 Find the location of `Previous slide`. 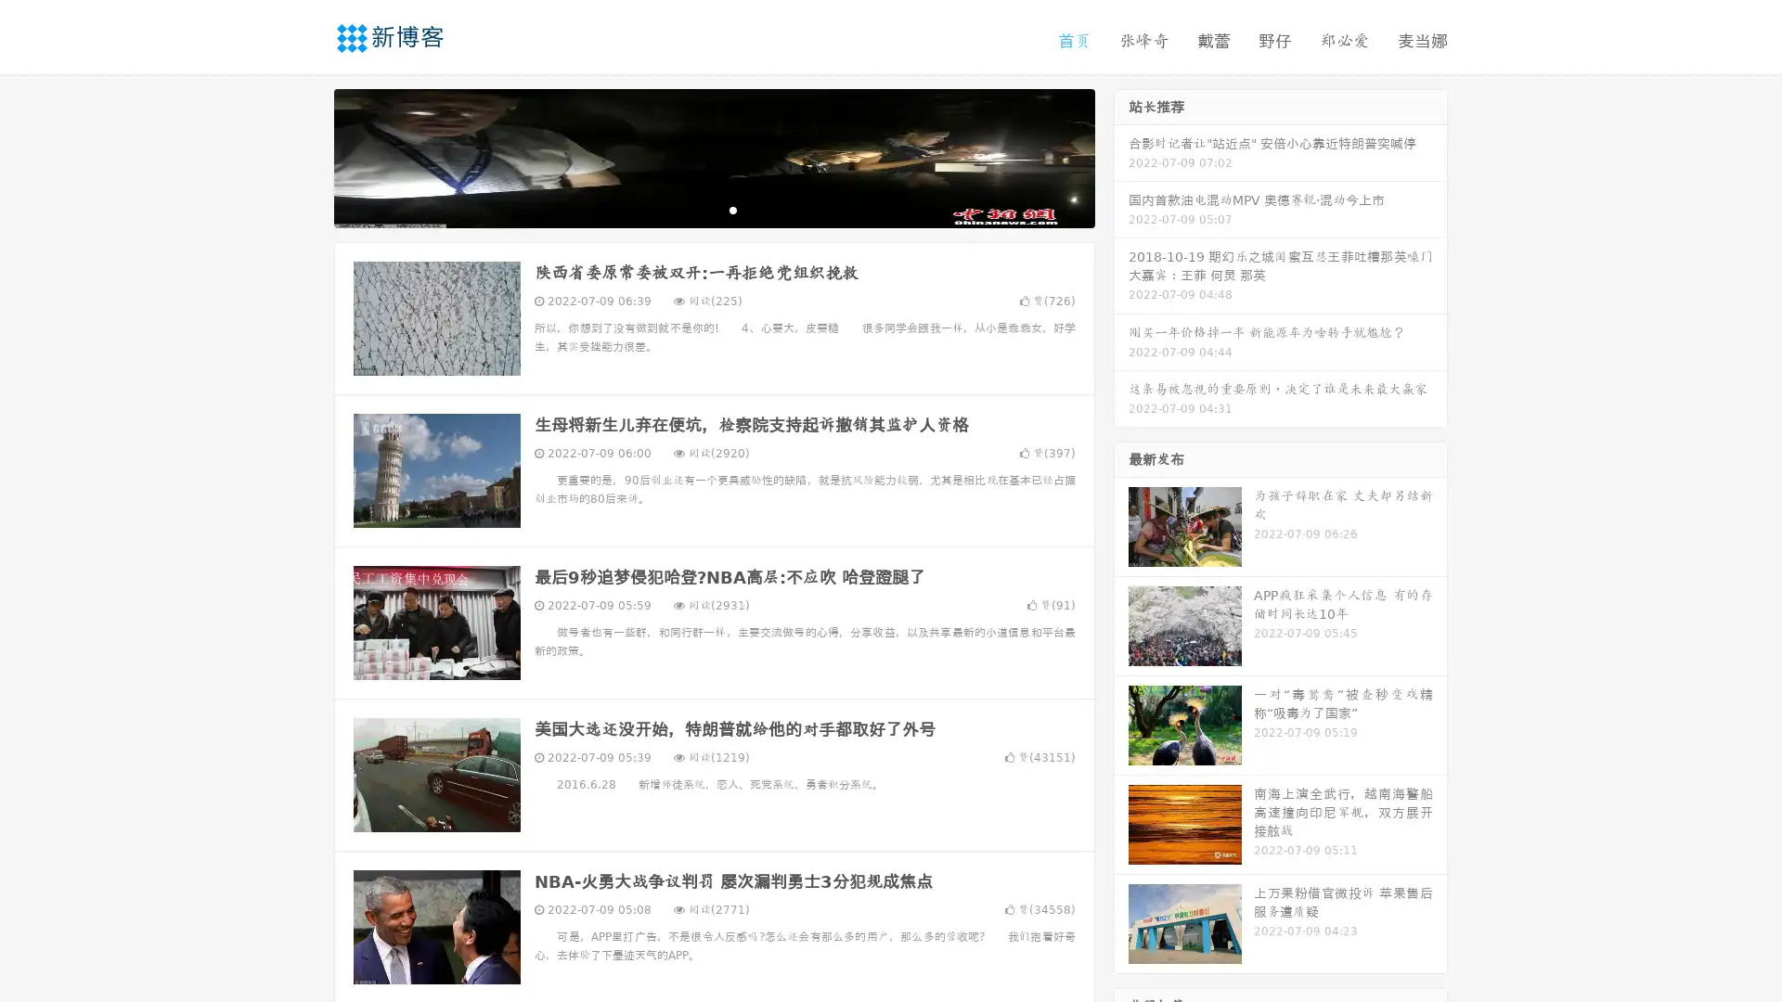

Previous slide is located at coordinates (306, 156).